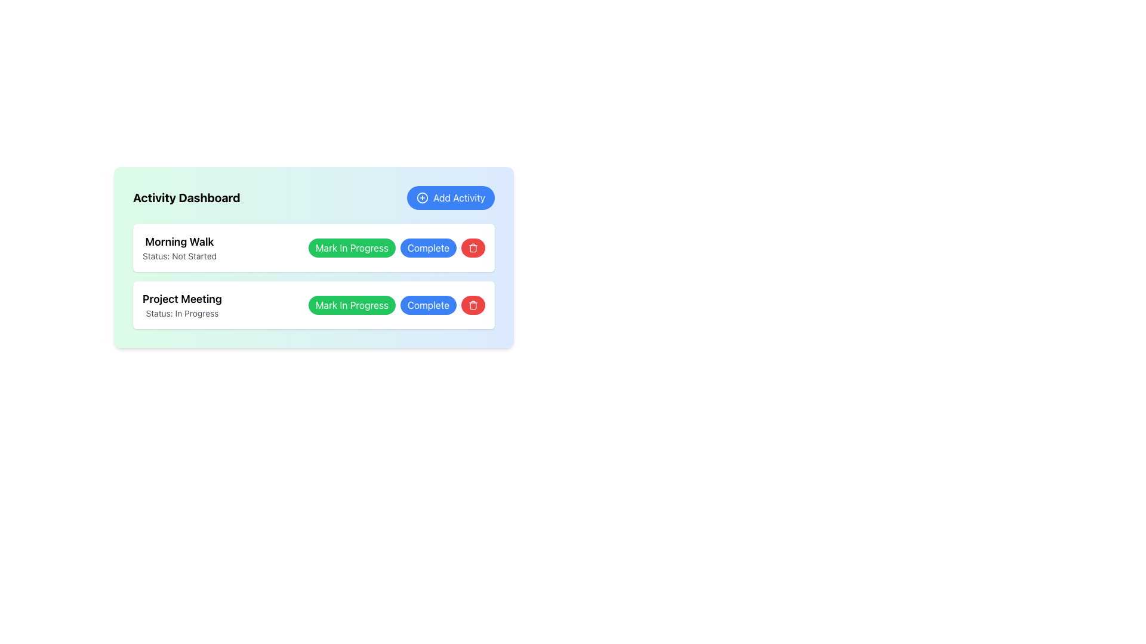  What do you see at coordinates (472, 247) in the screenshot?
I see `the delete icon button located on the far right side of the second row in the list for the 'Project Meeting' entry` at bounding box center [472, 247].